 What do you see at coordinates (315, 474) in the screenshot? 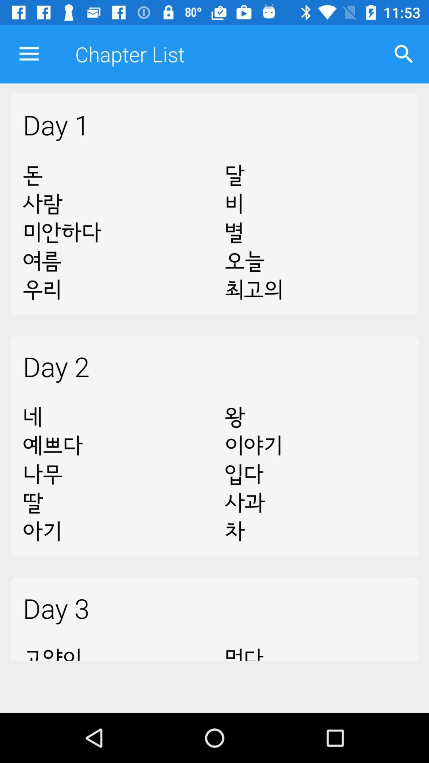
I see `icon on the right` at bounding box center [315, 474].